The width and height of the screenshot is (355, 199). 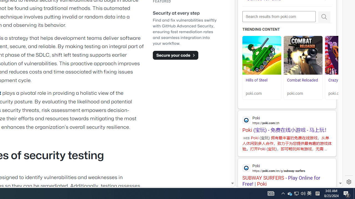 What do you see at coordinates (175, 55) in the screenshot?
I see `'Secure your code'` at bounding box center [175, 55].